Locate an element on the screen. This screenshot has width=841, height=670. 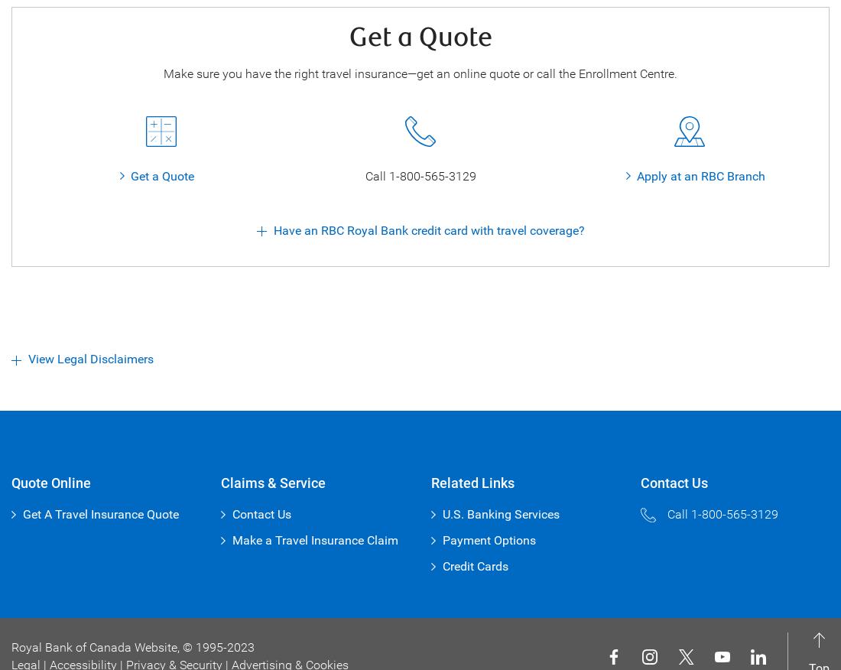
'Make a Travel Insurance Claim' is located at coordinates (232, 539).